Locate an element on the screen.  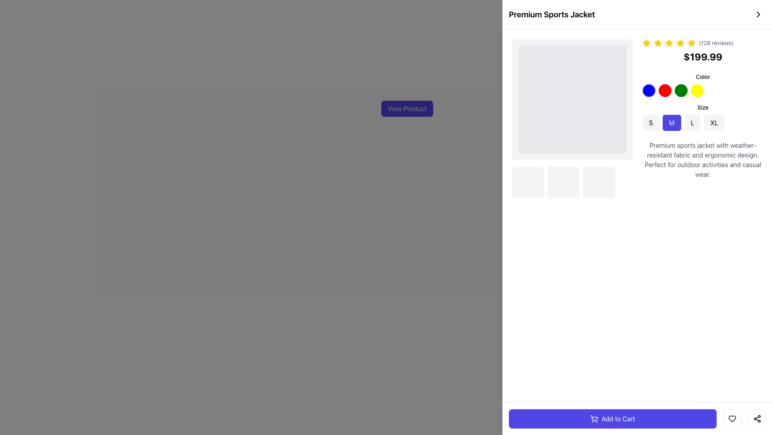
the share icon button, which is a minimalist design with three connected circles, located at the bottom-right corner of the card group containing interactive buttons is located at coordinates (757, 418).